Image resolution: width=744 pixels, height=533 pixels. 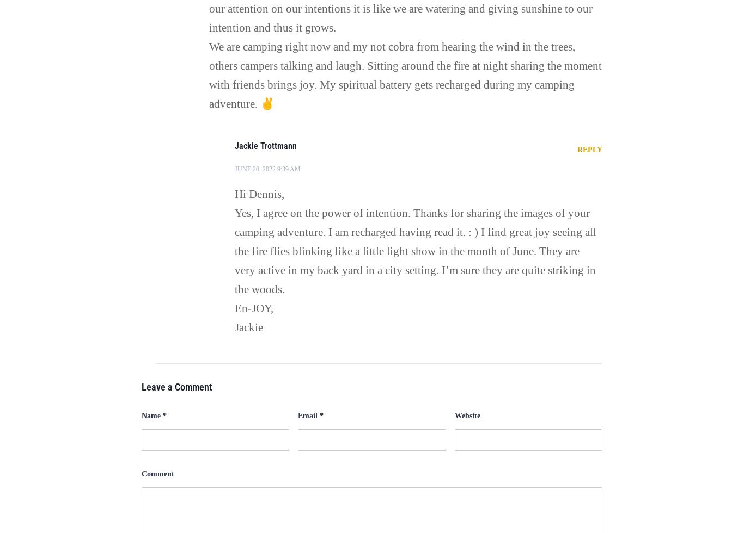 What do you see at coordinates (259, 194) in the screenshot?
I see `'Hi Dennis,'` at bounding box center [259, 194].